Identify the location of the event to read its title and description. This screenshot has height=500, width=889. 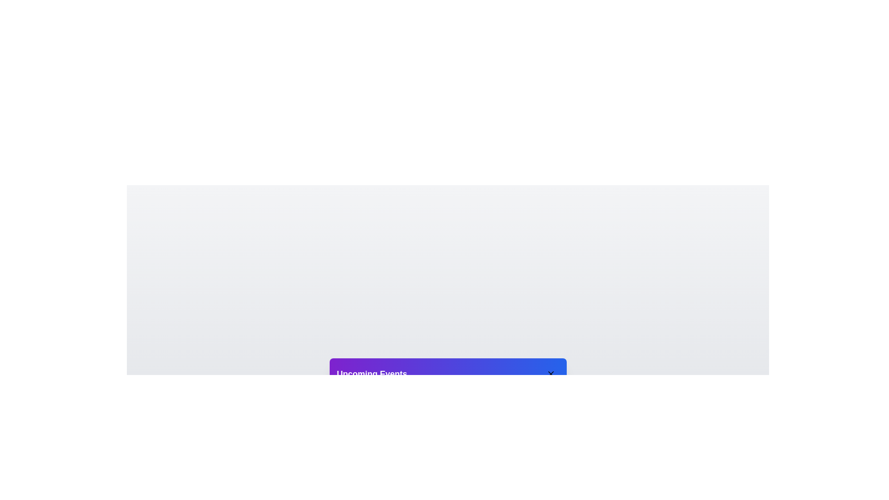
(401, 403).